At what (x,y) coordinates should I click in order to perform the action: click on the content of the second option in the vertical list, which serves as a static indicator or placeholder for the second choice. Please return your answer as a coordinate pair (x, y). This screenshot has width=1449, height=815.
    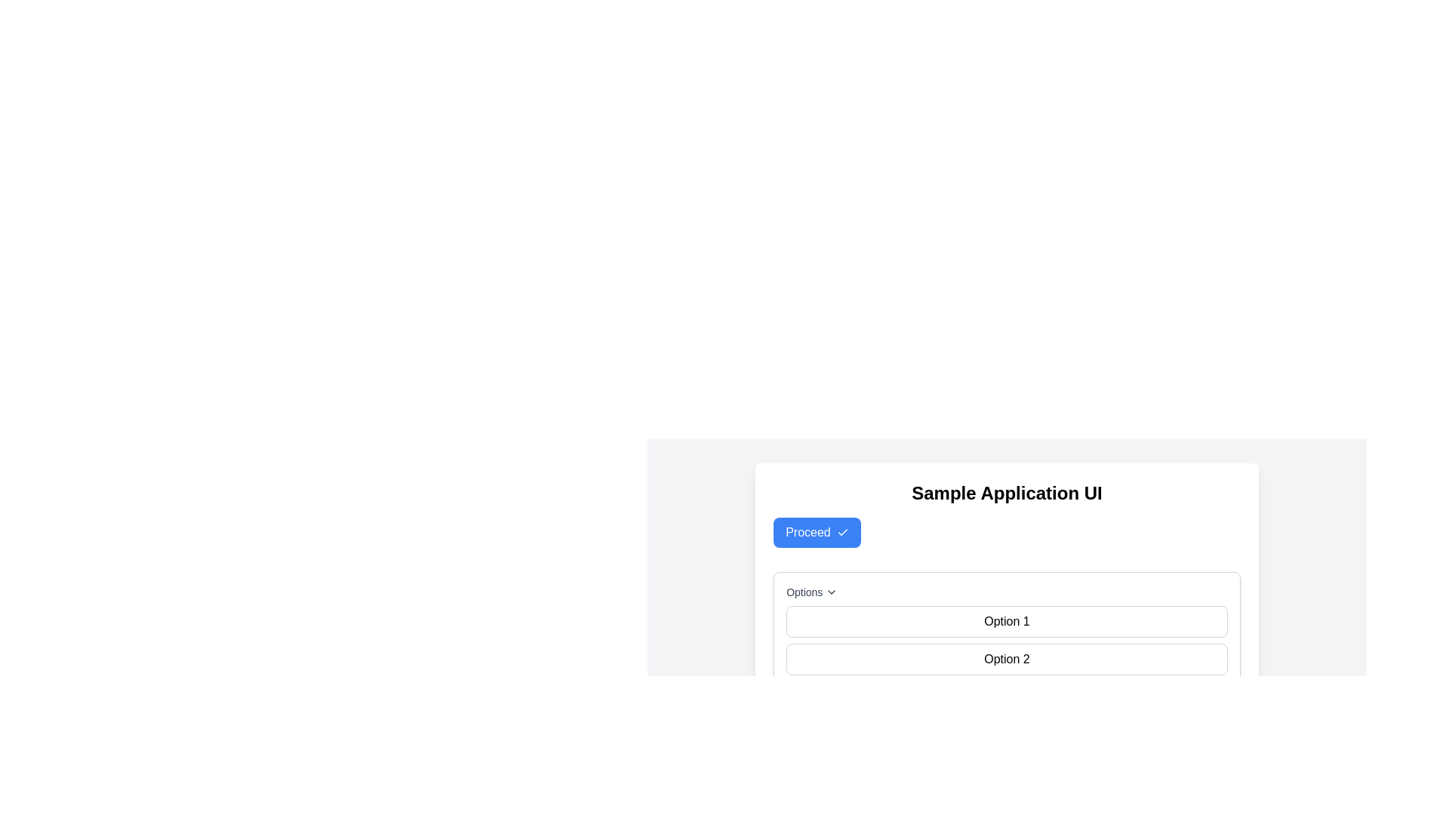
    Looking at the image, I should click on (1007, 659).